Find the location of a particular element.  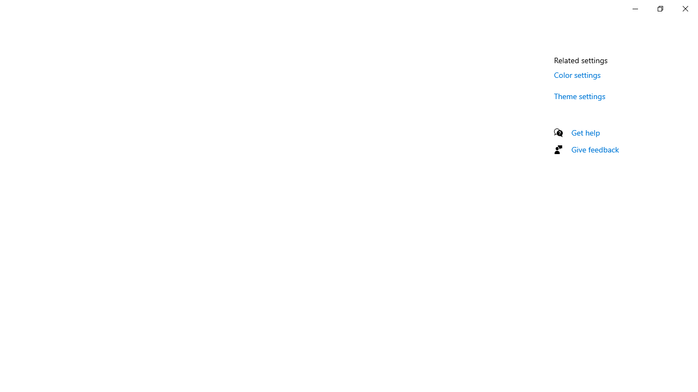

'Close Settings' is located at coordinates (684, 8).